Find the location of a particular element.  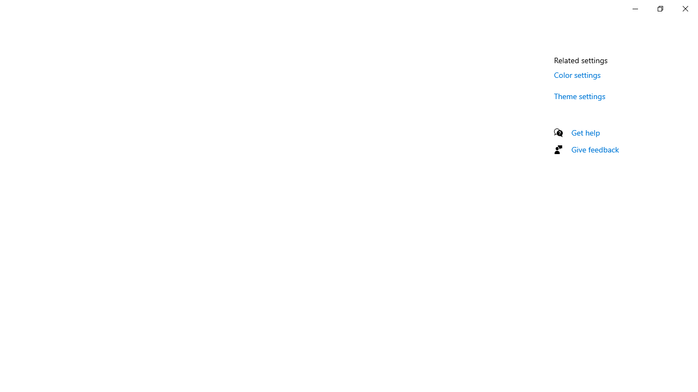

'Close Settings' is located at coordinates (684, 8).